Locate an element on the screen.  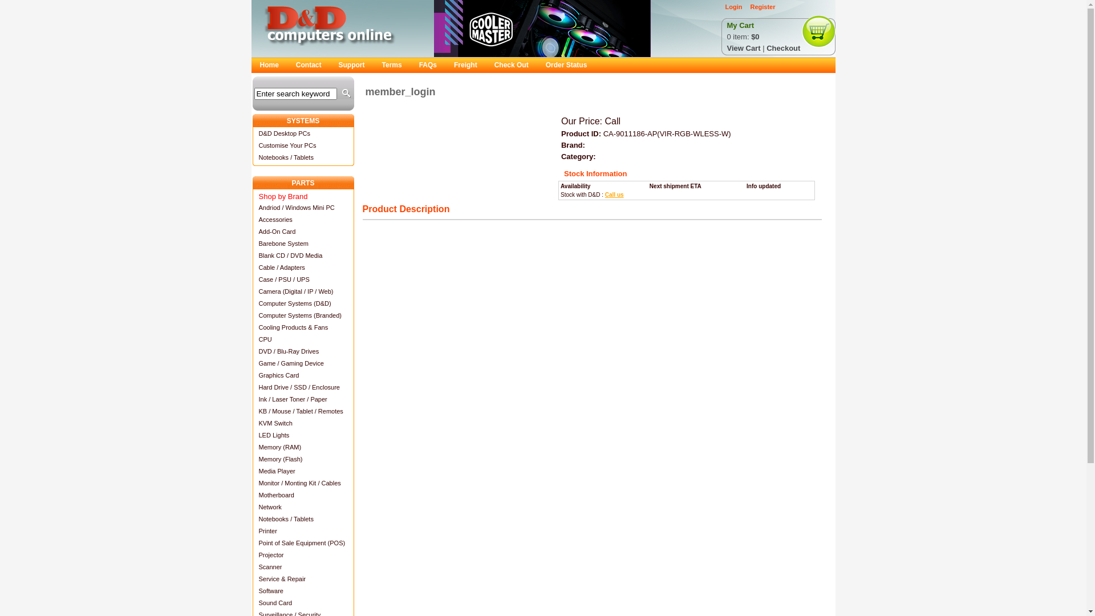
'Shop by Brand' is located at coordinates (303, 194).